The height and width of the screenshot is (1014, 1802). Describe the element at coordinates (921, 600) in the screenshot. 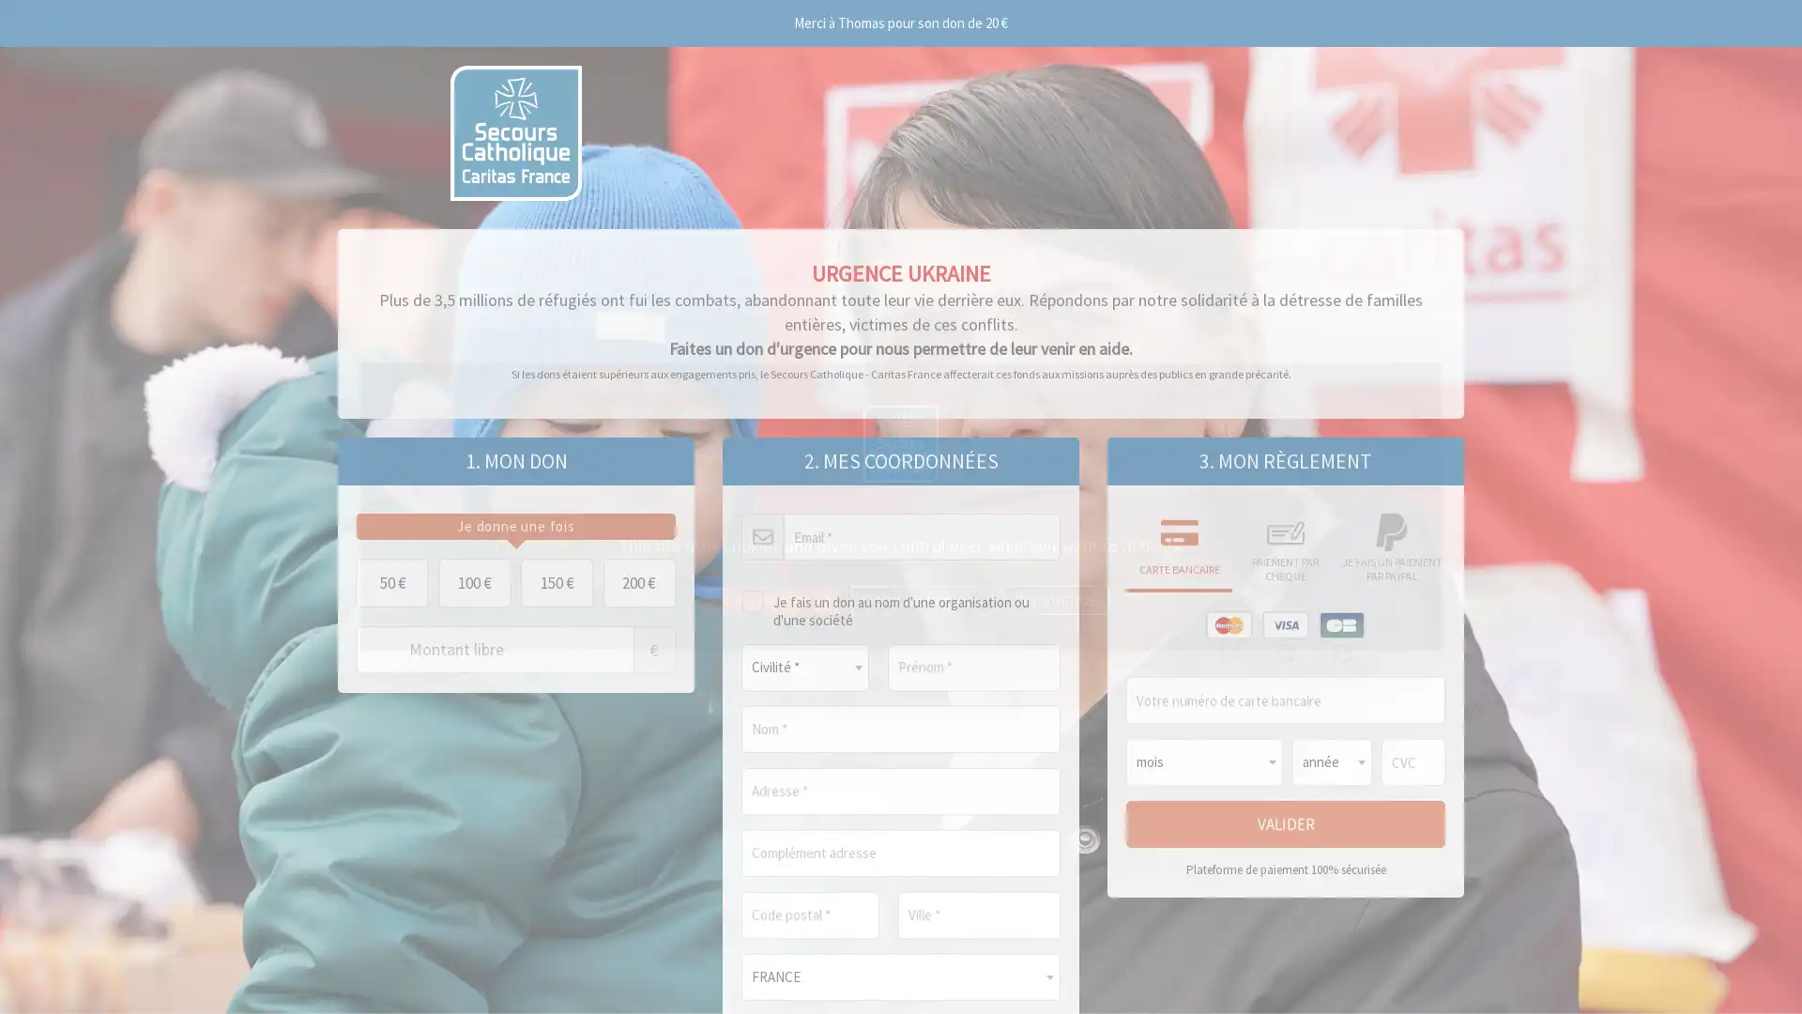

I see `Deny all cookies` at that location.